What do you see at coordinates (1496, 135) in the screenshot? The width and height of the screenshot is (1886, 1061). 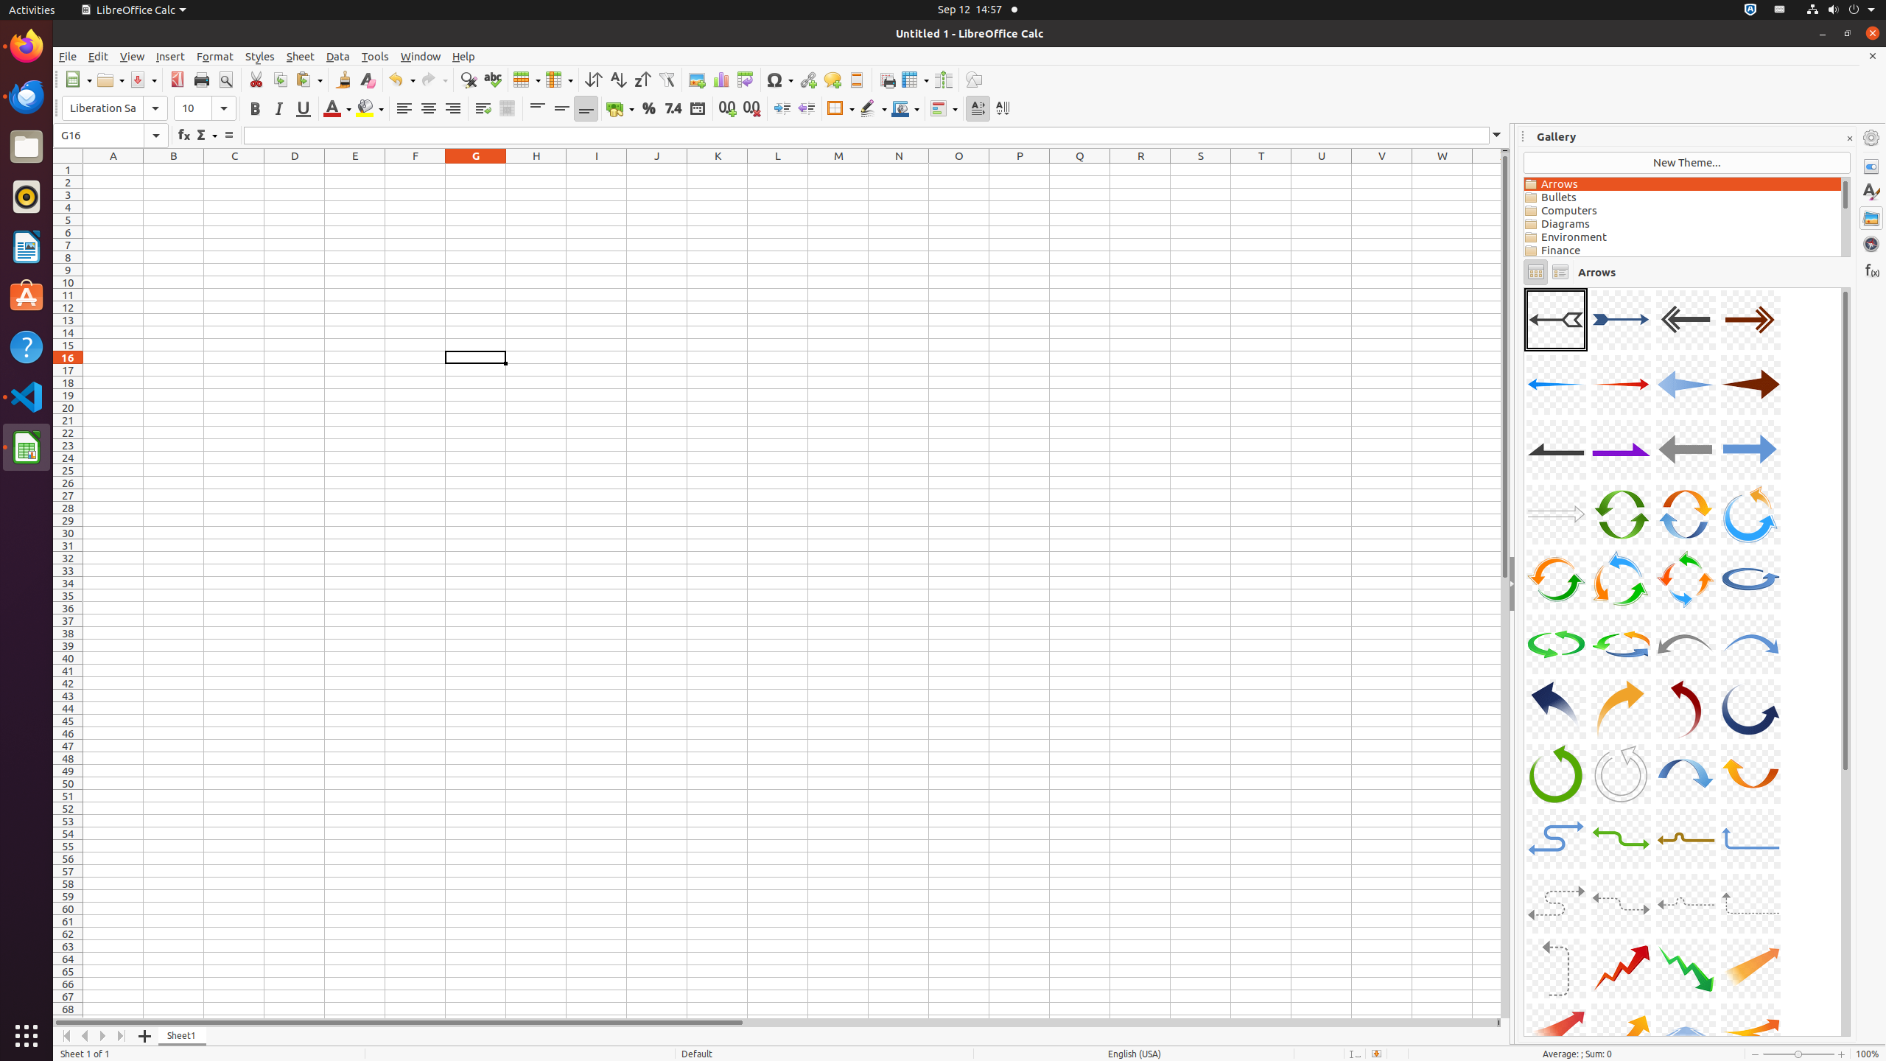 I see `'Expand Formula Bar'` at bounding box center [1496, 135].